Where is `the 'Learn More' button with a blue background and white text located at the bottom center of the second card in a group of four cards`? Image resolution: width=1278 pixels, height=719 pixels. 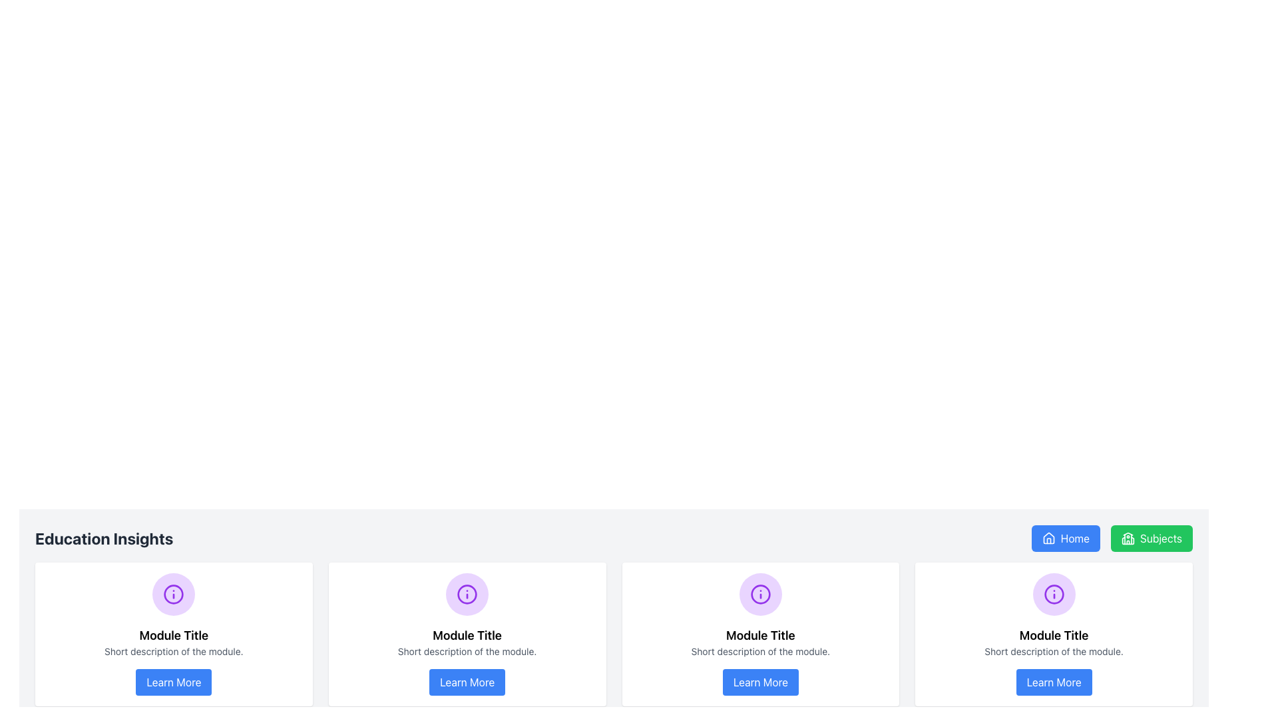 the 'Learn More' button with a blue background and white text located at the bottom center of the second card in a group of four cards is located at coordinates (467, 682).